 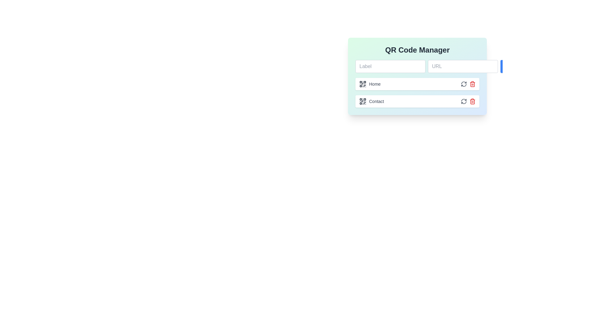 I want to click on text from the second labeled row Text Label in the 'QR Code Manager' section, which is positioned to the right of a QR code icon and above an action button, so click(x=376, y=101).